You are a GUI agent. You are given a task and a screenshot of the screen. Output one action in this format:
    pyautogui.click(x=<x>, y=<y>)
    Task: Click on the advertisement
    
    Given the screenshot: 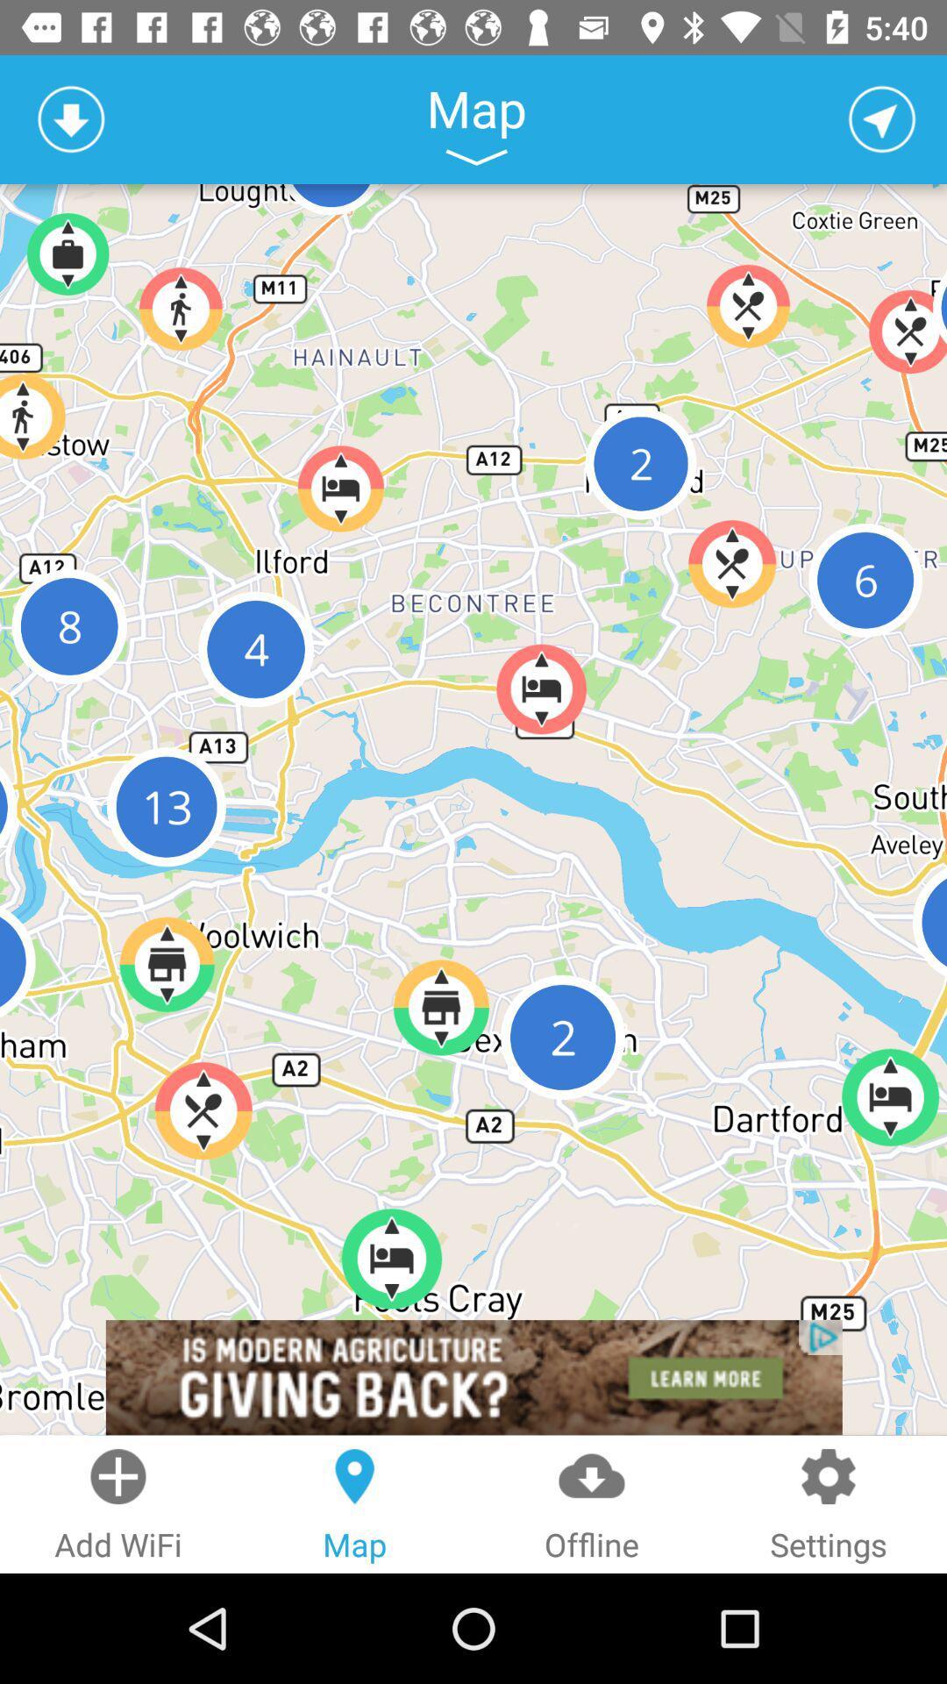 What is the action you would take?
    pyautogui.click(x=473, y=1376)
    